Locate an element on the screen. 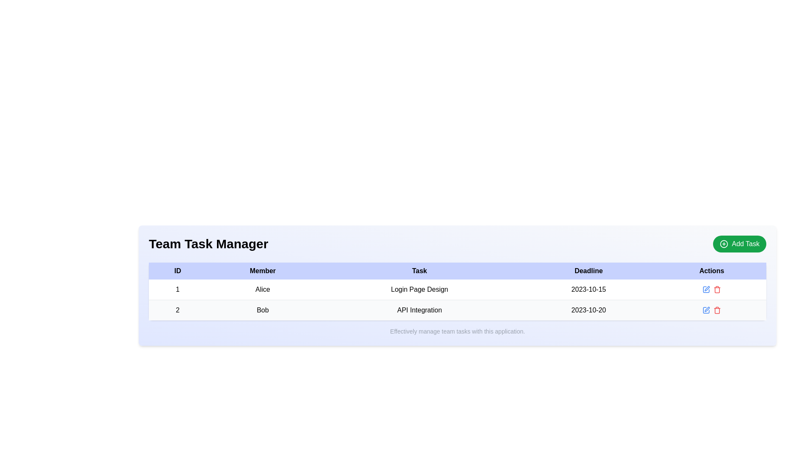  the first column header Label in the table that indicates IDs, located in the center-top of the interface is located at coordinates (177, 271).